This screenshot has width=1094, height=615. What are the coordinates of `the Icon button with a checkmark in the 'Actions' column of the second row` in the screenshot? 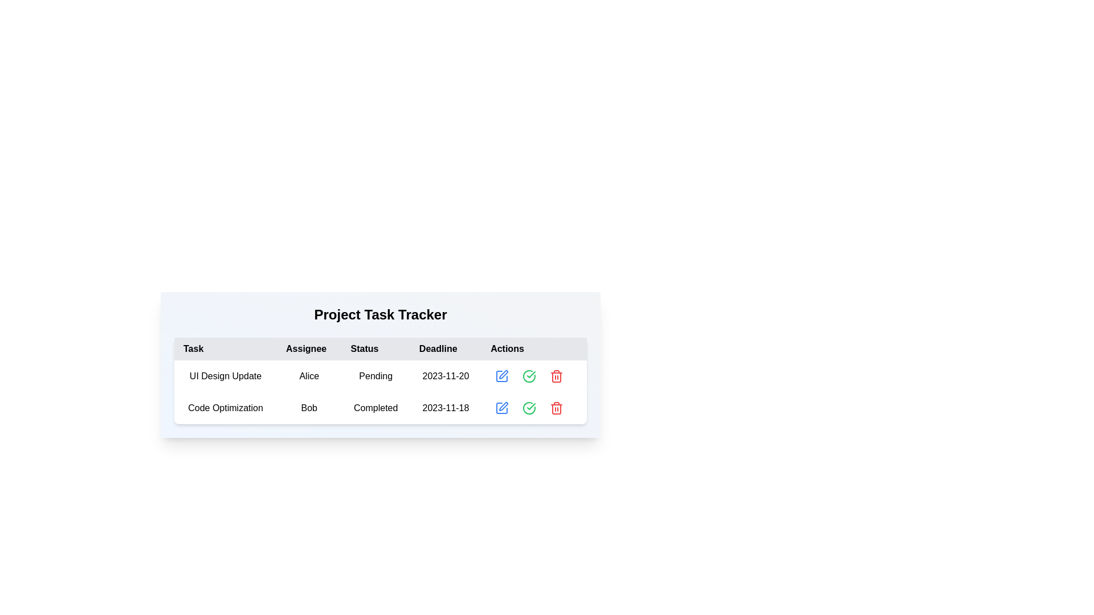 It's located at (529, 408).